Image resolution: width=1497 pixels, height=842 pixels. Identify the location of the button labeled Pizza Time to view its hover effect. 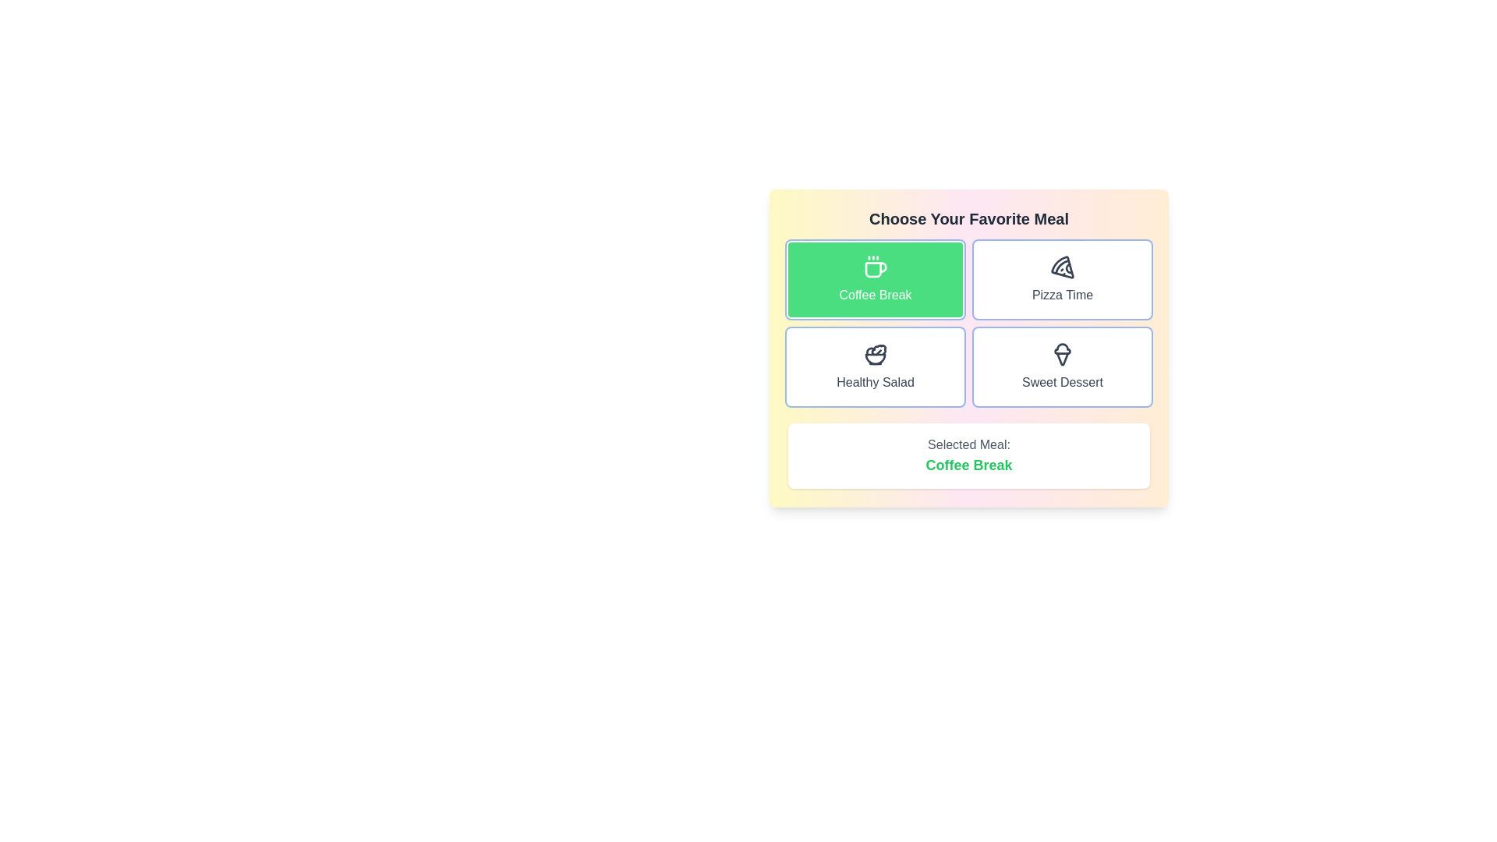
(1062, 278).